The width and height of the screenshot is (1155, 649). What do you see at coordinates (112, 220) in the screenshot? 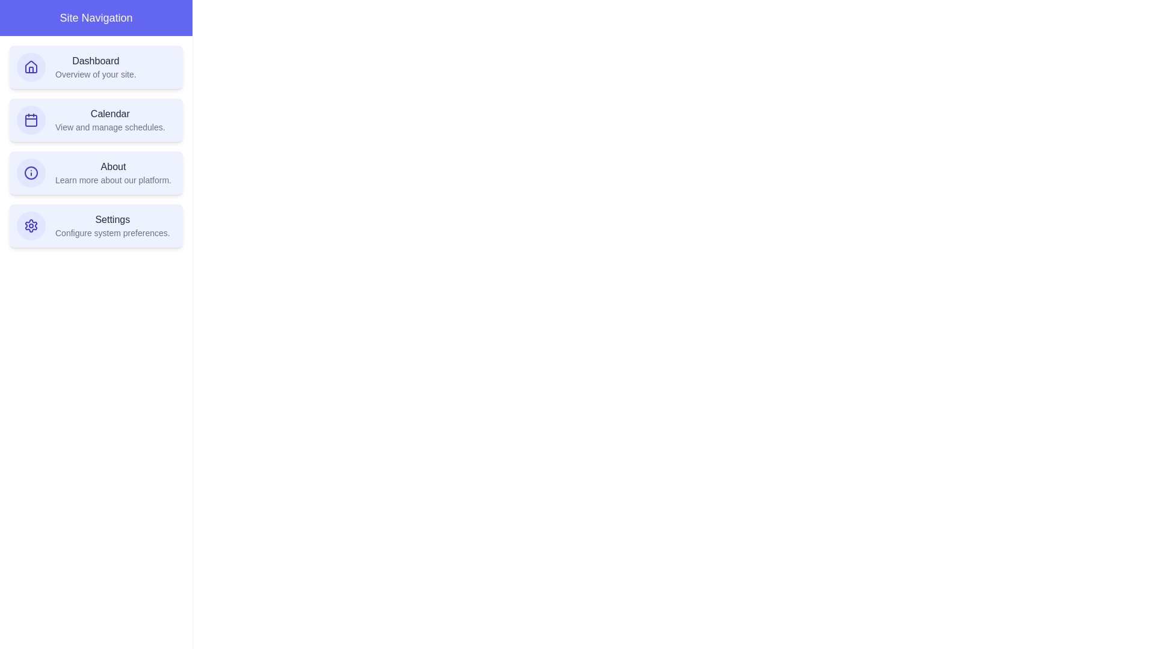
I see `the text of the navigation item Settings` at bounding box center [112, 220].